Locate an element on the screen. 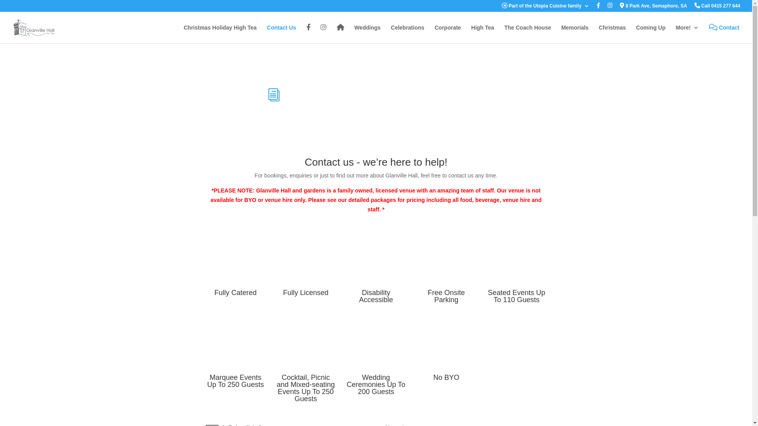 This screenshot has height=426, width=758. 'Coming Up' is located at coordinates (651, 34).